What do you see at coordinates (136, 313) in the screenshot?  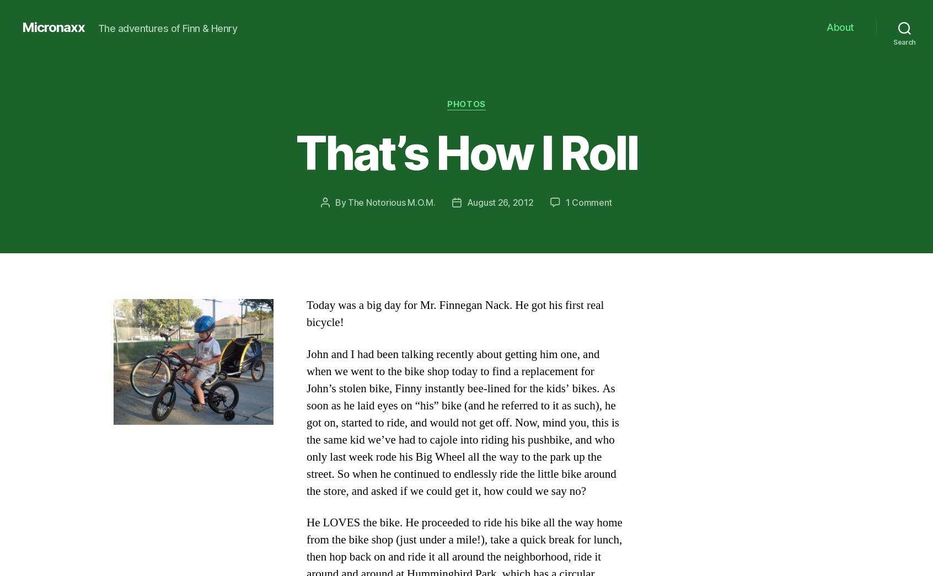 I see `'May 2011'` at bounding box center [136, 313].